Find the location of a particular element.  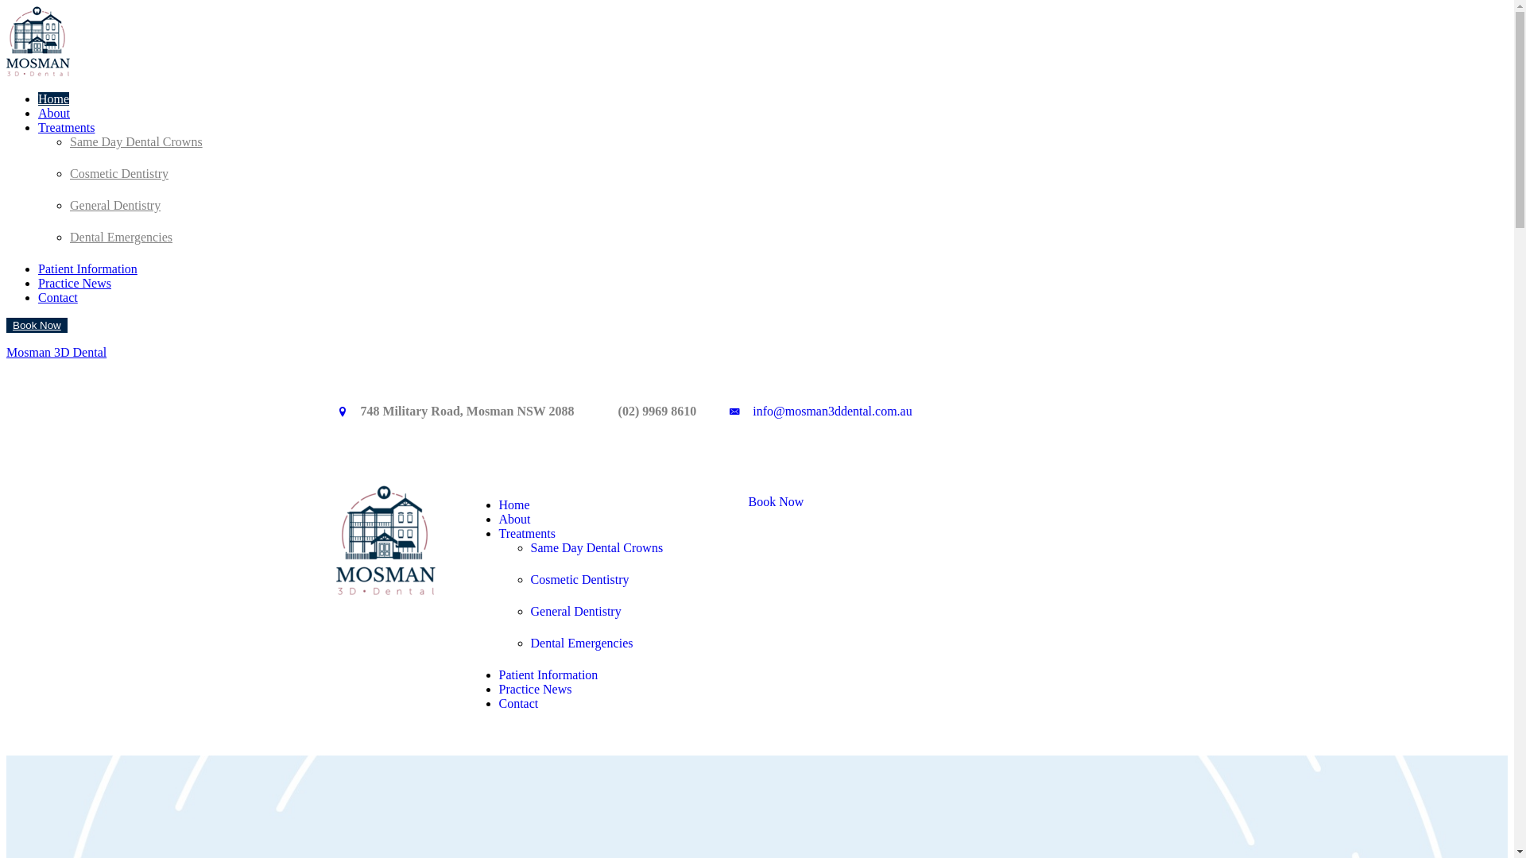

'748 Military Road, Mosman NSW 2088' is located at coordinates (467, 410).